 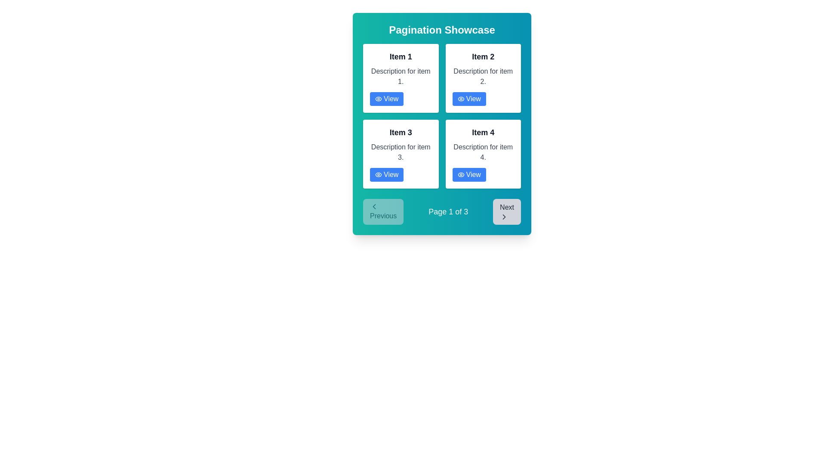 What do you see at coordinates (386, 174) in the screenshot?
I see `the 'View' button for 'Item 3'` at bounding box center [386, 174].